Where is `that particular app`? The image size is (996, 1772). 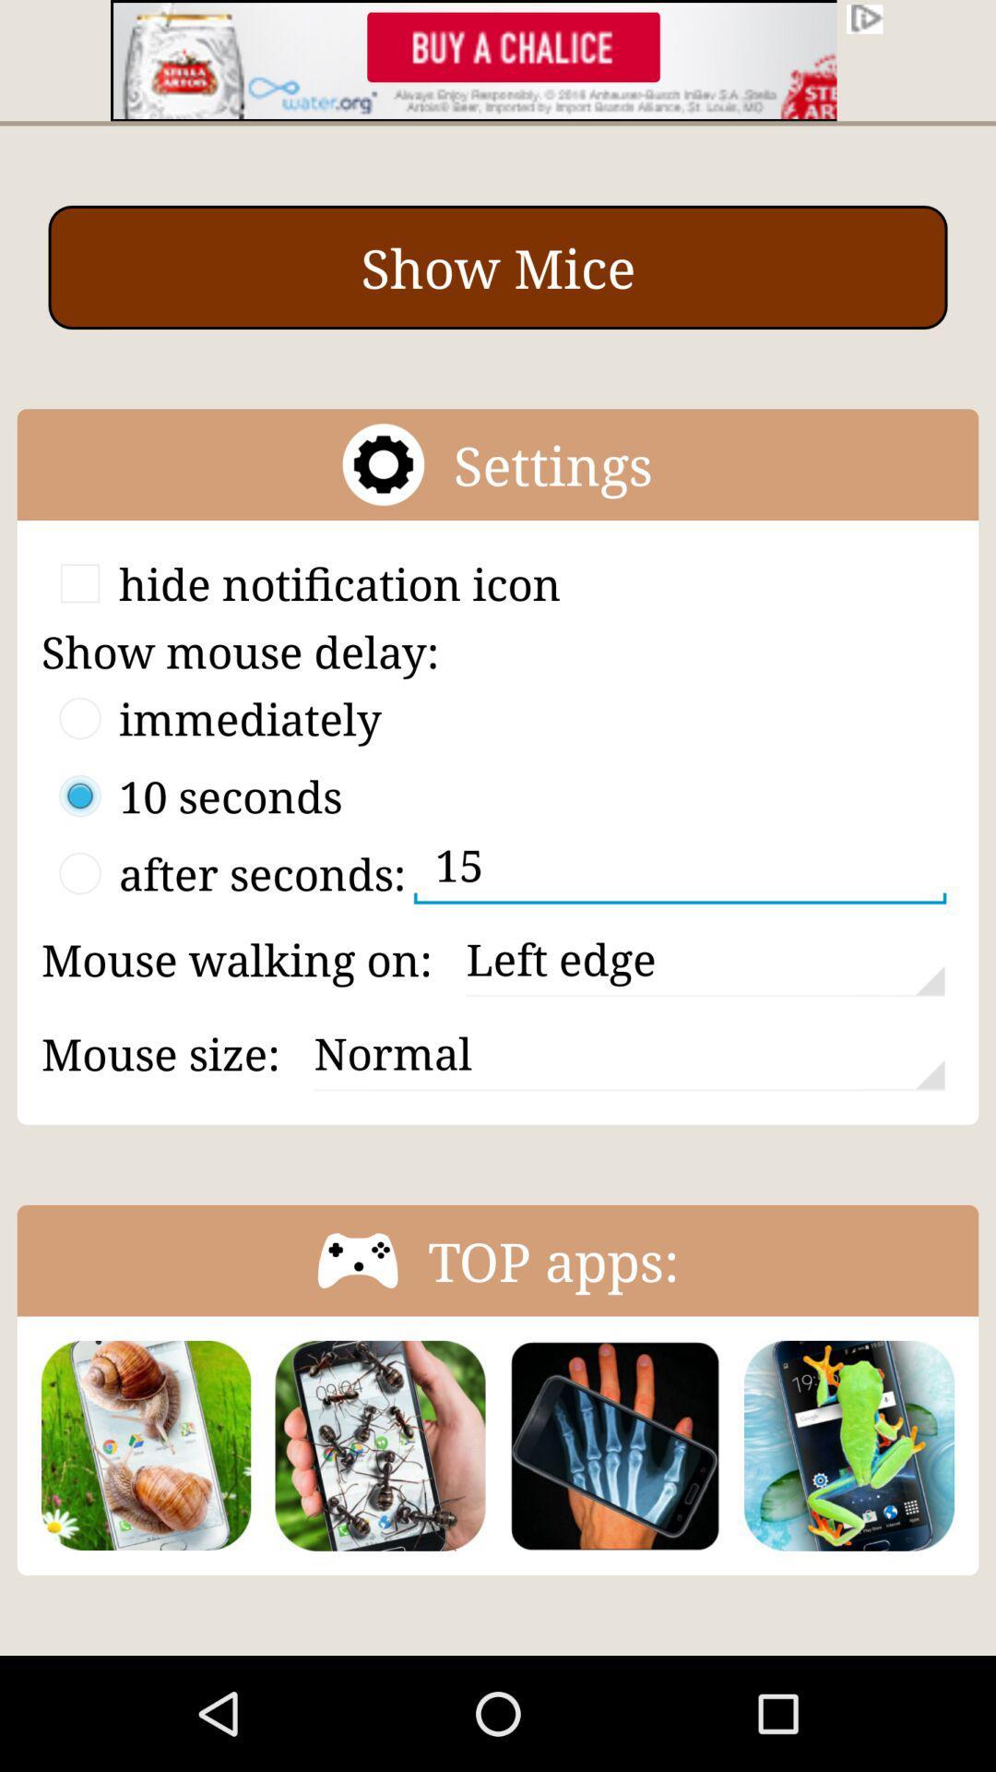
that particular app is located at coordinates (849, 1444).